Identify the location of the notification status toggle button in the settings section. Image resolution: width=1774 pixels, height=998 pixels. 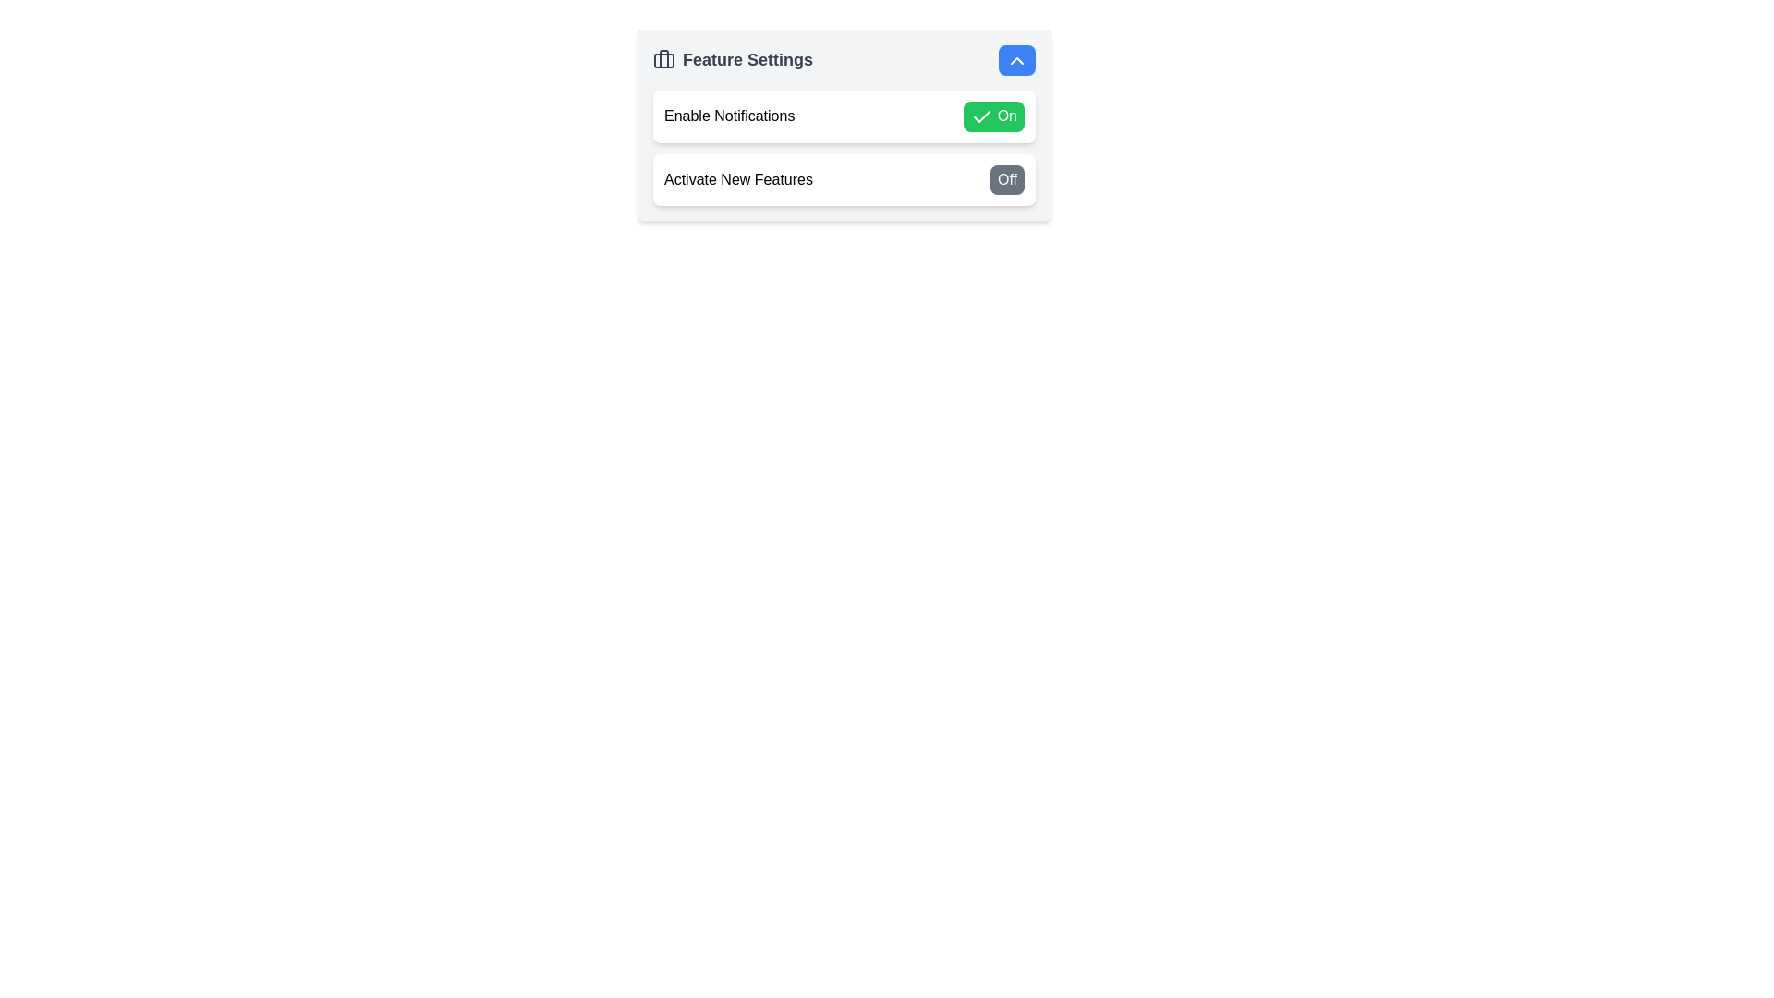
(843, 116).